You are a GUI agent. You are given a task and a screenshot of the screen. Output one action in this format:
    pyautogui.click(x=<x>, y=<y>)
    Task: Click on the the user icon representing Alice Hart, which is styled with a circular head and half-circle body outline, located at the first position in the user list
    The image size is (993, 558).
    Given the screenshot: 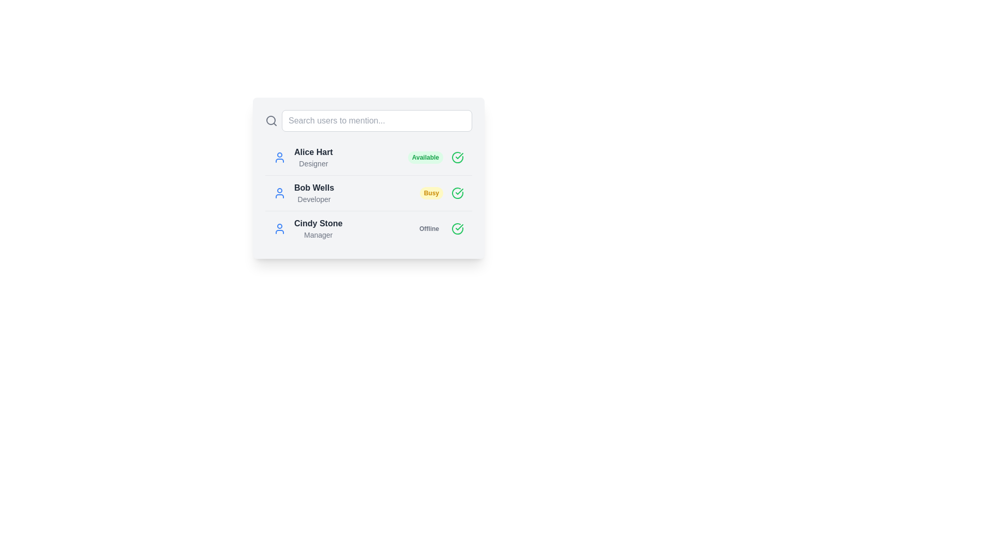 What is the action you would take?
    pyautogui.click(x=280, y=157)
    